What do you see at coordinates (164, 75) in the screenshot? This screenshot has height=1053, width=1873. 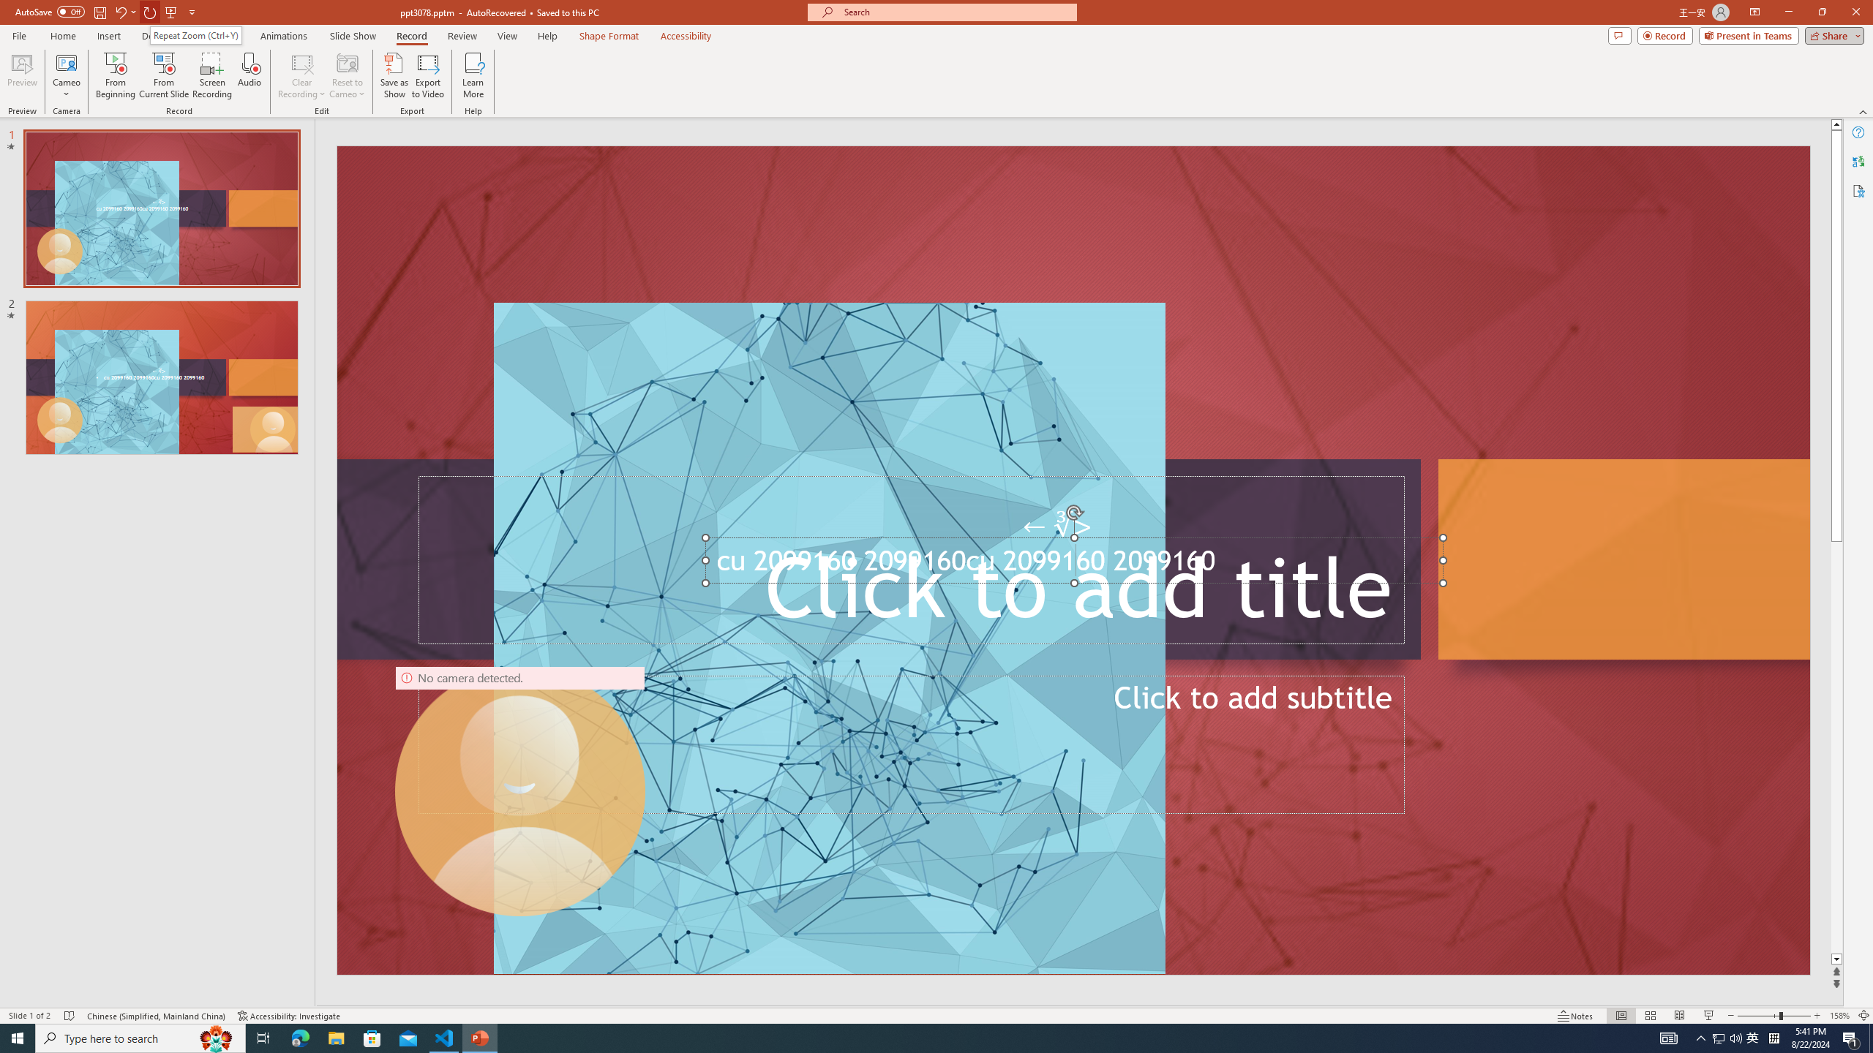 I see `'From Current Slide...'` at bounding box center [164, 75].